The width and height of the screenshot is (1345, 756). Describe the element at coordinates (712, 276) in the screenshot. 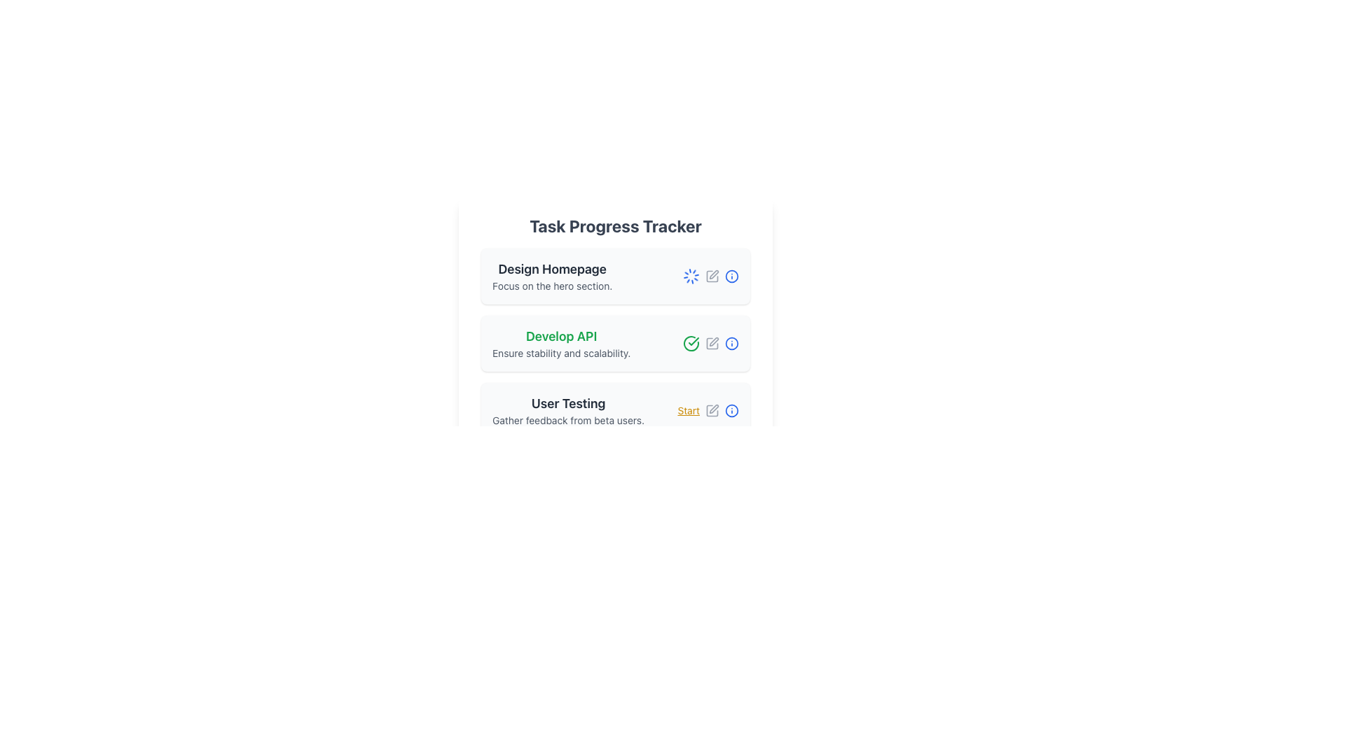

I see `the edit icon in the 'Design Homepage' task card, which is the third icon in the row of interactive icons on the right side of the card, to change its color` at that location.